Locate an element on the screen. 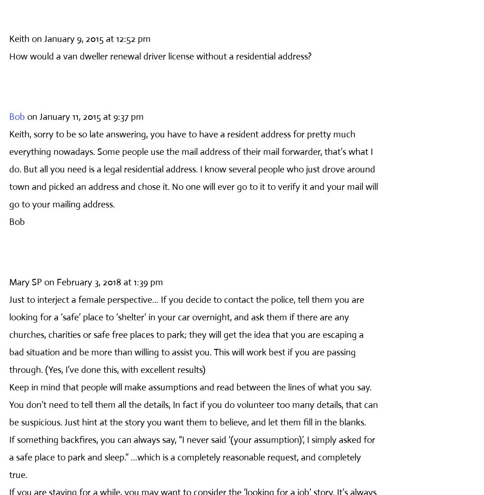  'Just to interject a female perspective… If you decide to contact the police, tell them you are looking for a ‘safe’ place to ‘shelter’ in your car overnight, and ask them if there are any churches, charities or safe free places to park; they will get the idea that you are escaping a bad situation and be more than willing to assist you. This will work best if you are passing through. (Yes, I’ve done this, with excellent results)' is located at coordinates (9, 334).